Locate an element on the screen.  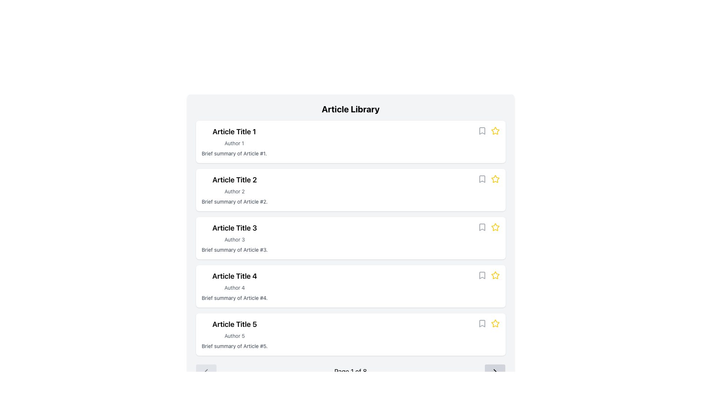
the Content Card that provides information about an article, including its title, author, and summary, which is the third card in the vertical stack within the 'Article Library' is located at coordinates (350, 238).